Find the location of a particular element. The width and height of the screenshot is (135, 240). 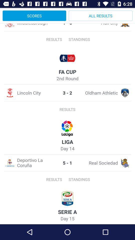

the all results icon is located at coordinates (100, 15).